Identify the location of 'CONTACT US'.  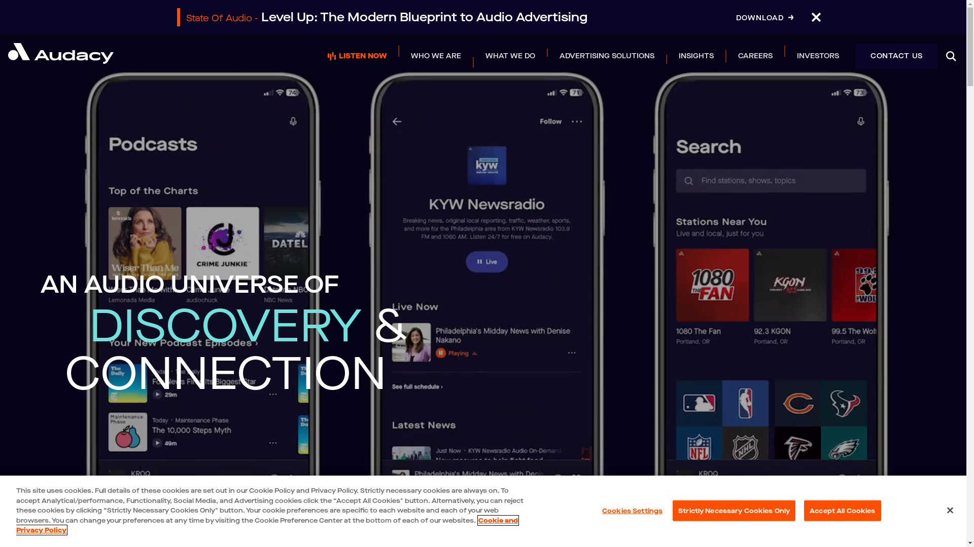
(854, 56).